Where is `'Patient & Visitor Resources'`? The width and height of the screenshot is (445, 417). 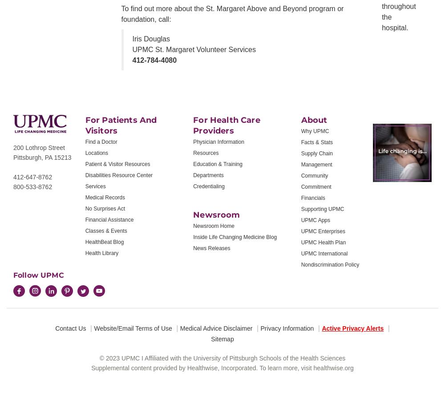 'Patient & Visitor Resources' is located at coordinates (117, 163).